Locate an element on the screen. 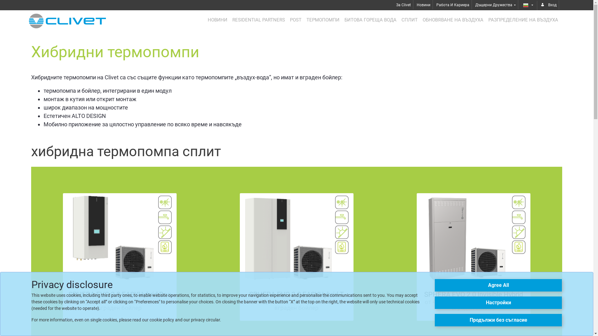 This screenshot has width=598, height=336. 'POST' is located at coordinates (295, 20).